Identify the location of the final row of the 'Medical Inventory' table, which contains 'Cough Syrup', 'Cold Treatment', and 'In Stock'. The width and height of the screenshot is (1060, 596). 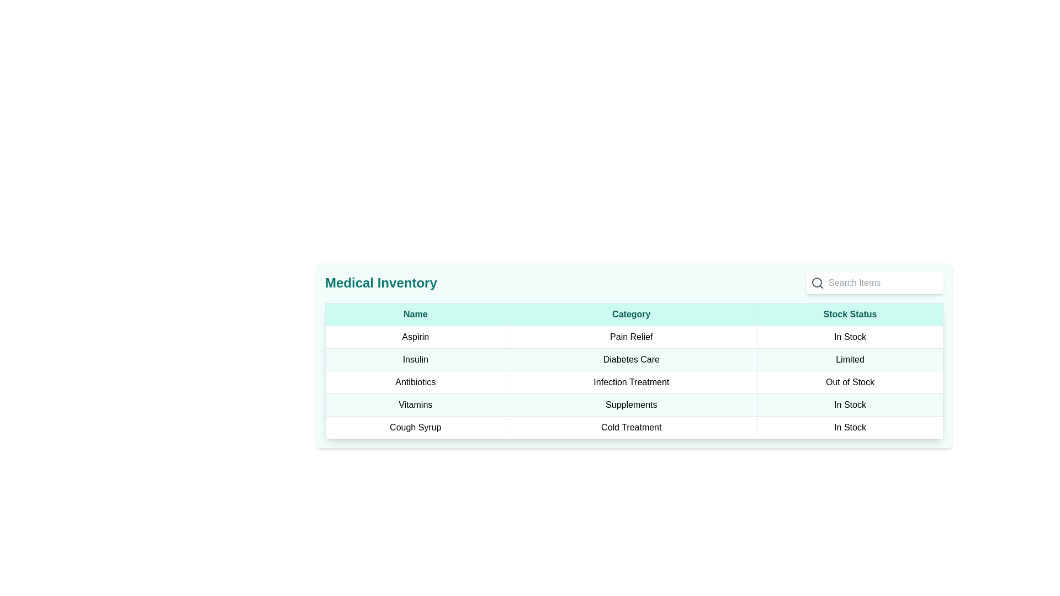
(634, 427).